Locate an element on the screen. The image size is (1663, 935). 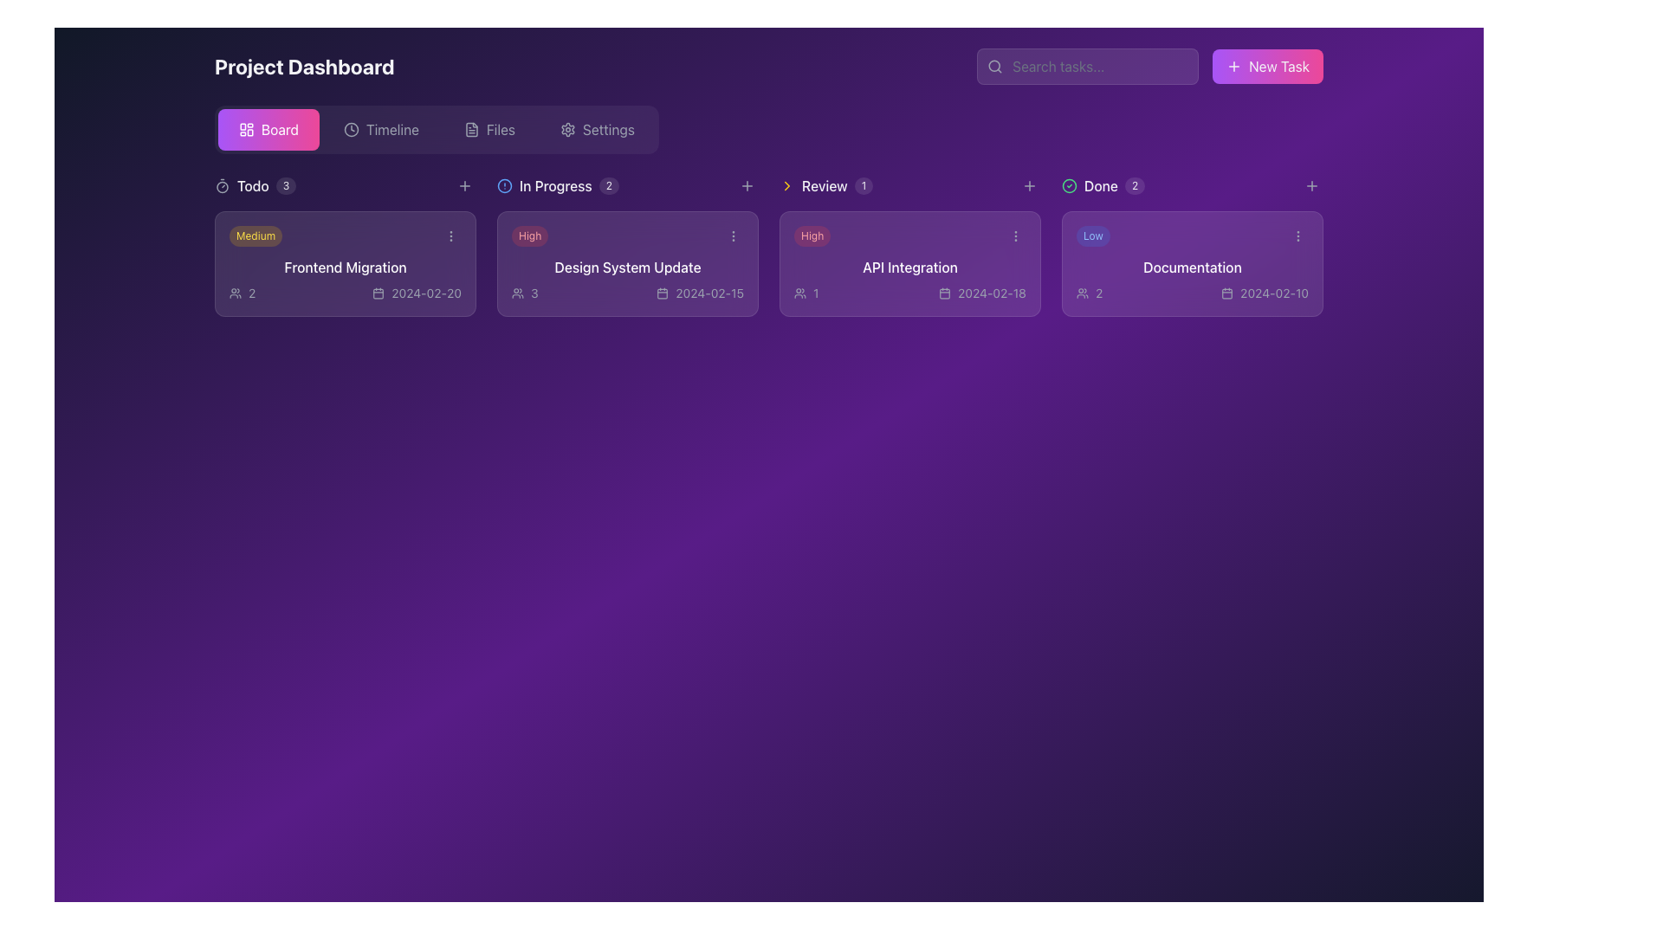
the graphical icon component that represents the 'Files' menu item in the top navigation bar, located between the 'Timeline' and 'Settings' buttons is located at coordinates (471, 129).